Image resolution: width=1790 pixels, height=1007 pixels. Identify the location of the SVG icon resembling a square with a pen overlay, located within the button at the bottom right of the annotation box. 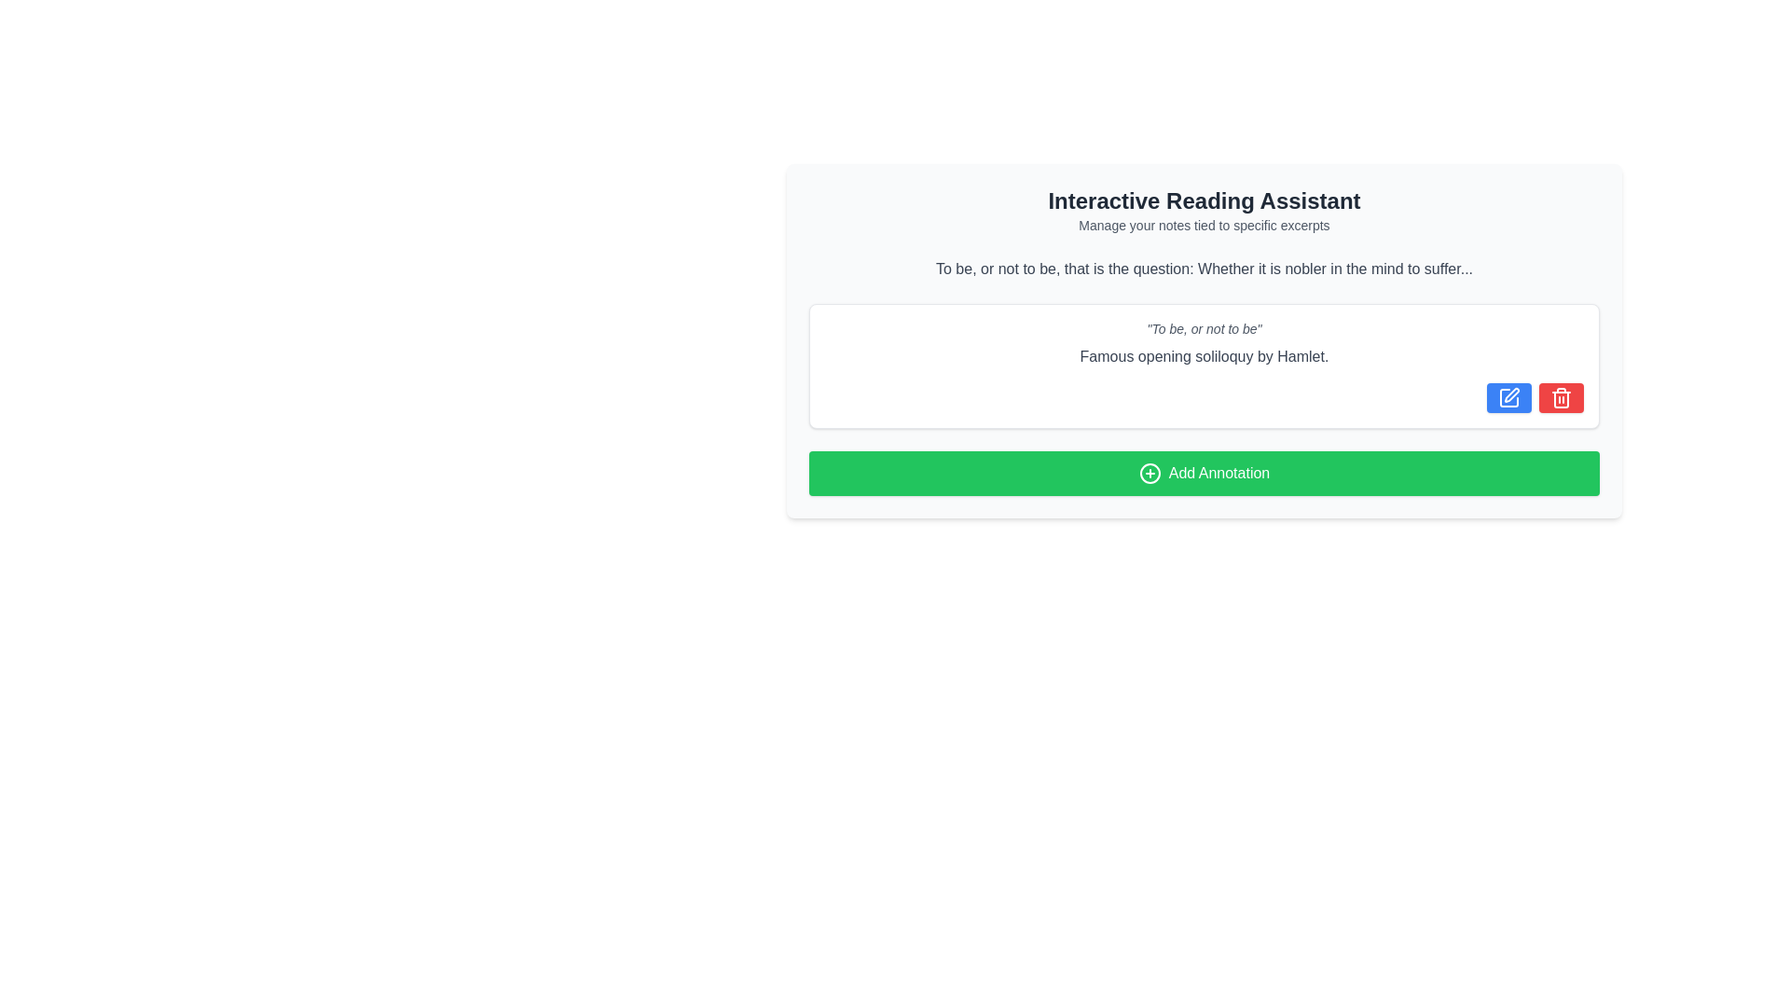
(1508, 397).